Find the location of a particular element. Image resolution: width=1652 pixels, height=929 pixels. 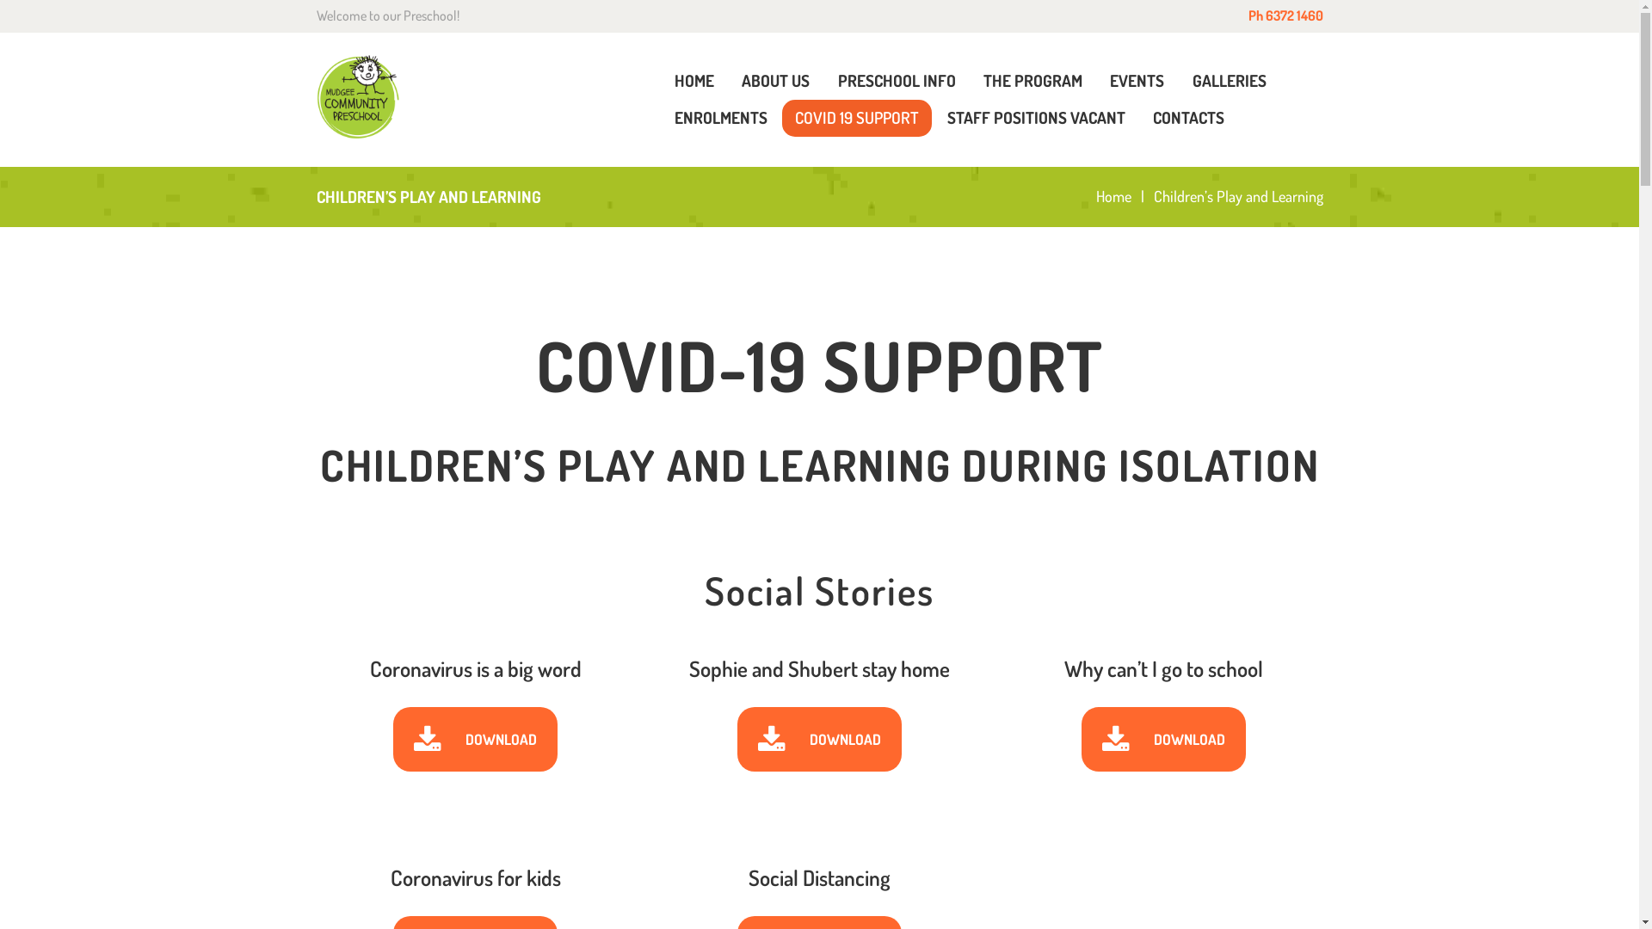

'PRESCHOOL INFO' is located at coordinates (895, 81).